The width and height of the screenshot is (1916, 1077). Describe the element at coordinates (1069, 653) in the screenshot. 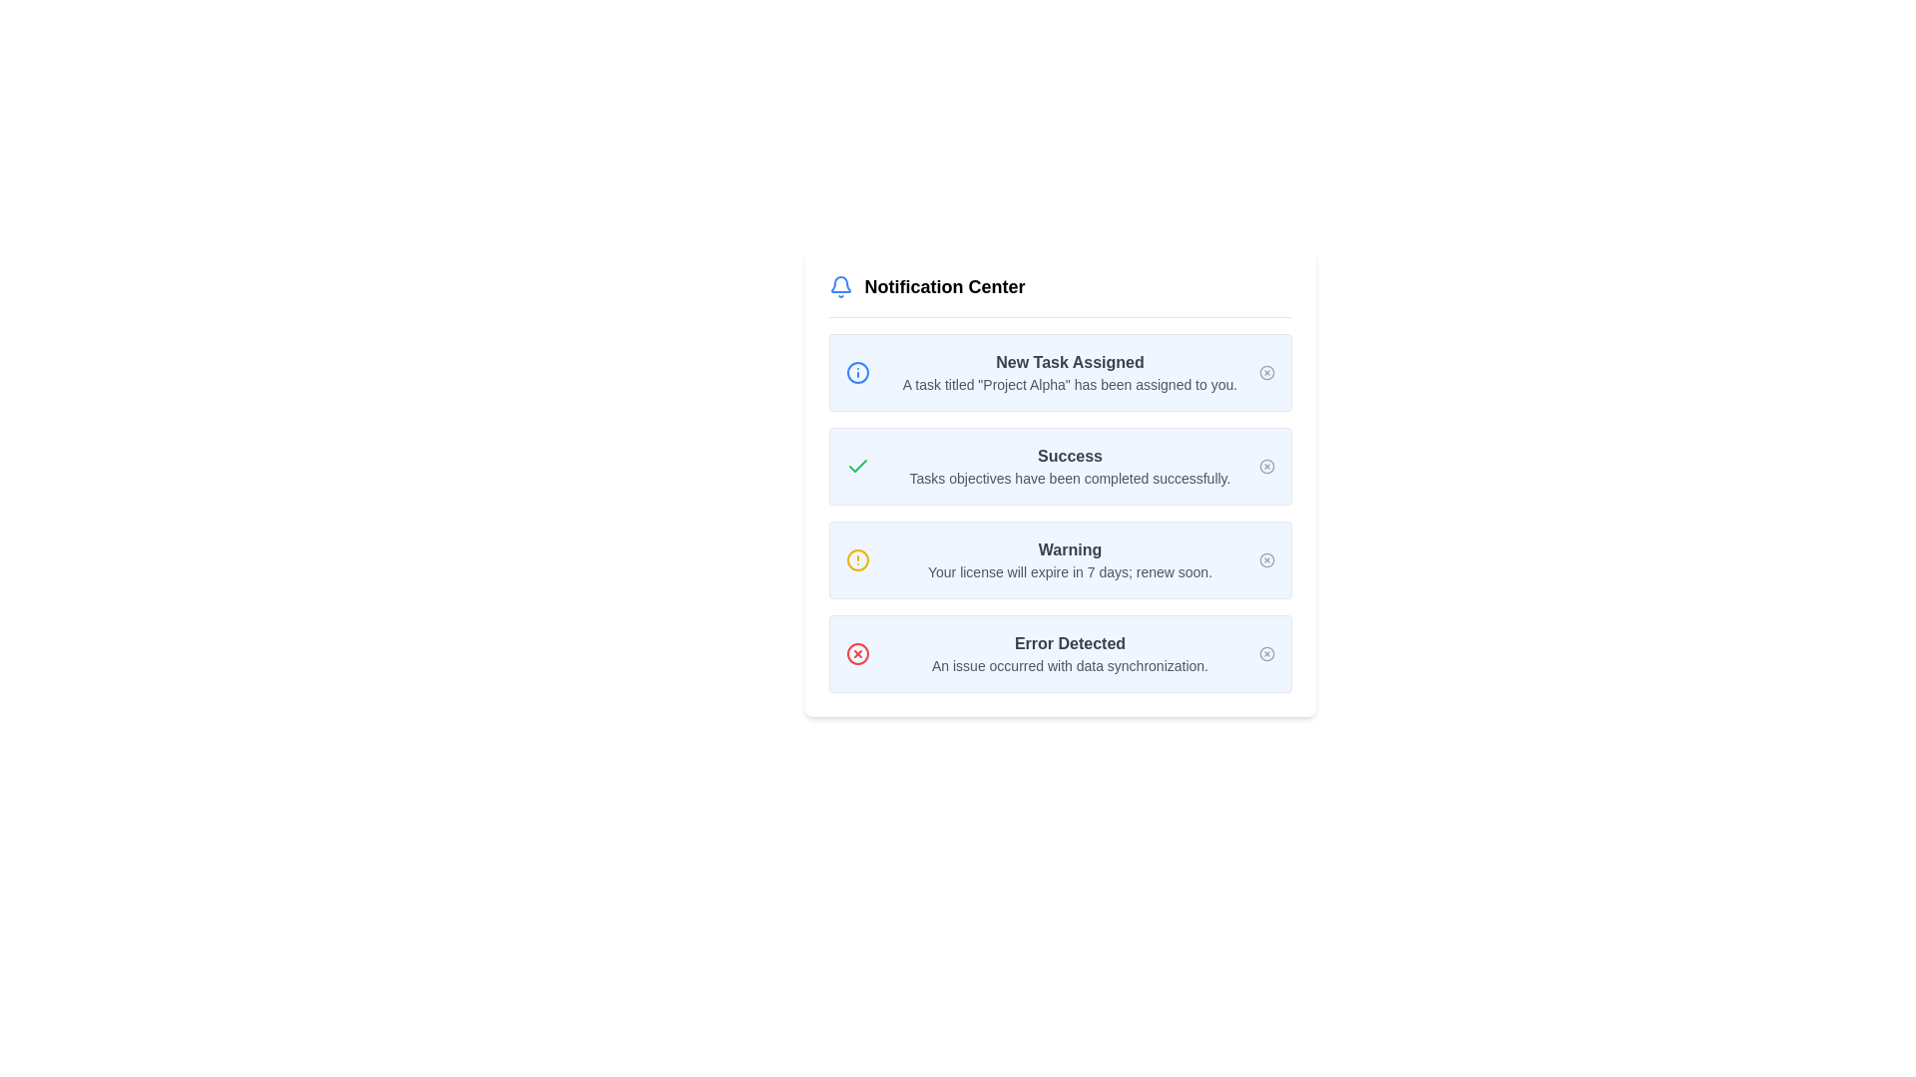

I see `the notification titled 'Error Detected' which is displayed within a light blue box at the bottom of the notification list` at that location.